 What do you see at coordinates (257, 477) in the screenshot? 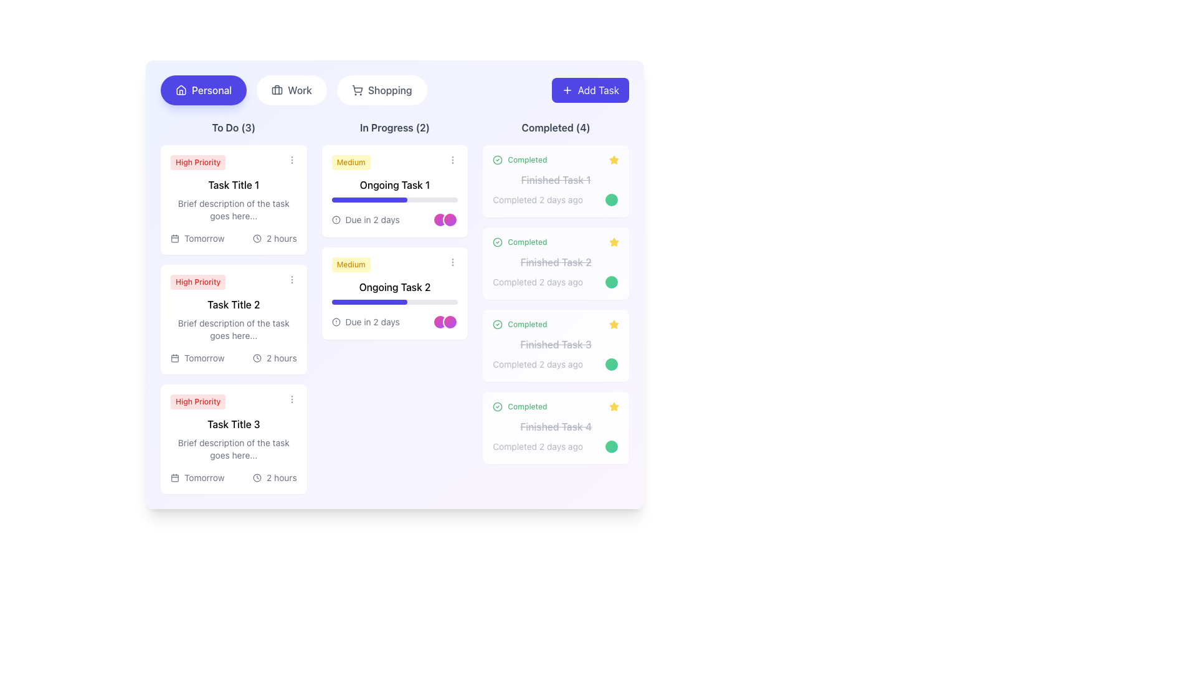
I see `the icon representing the time duration associated with a task, located to the left of the '2 hours' label in the 'To Do' section of the application interface` at bounding box center [257, 477].